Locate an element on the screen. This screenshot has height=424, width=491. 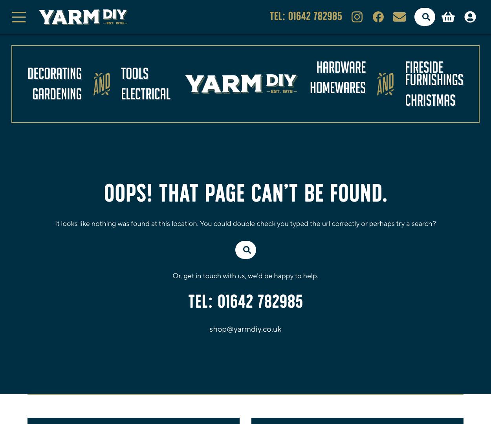
'Oops! That page can’t be found.' is located at coordinates (104, 193).